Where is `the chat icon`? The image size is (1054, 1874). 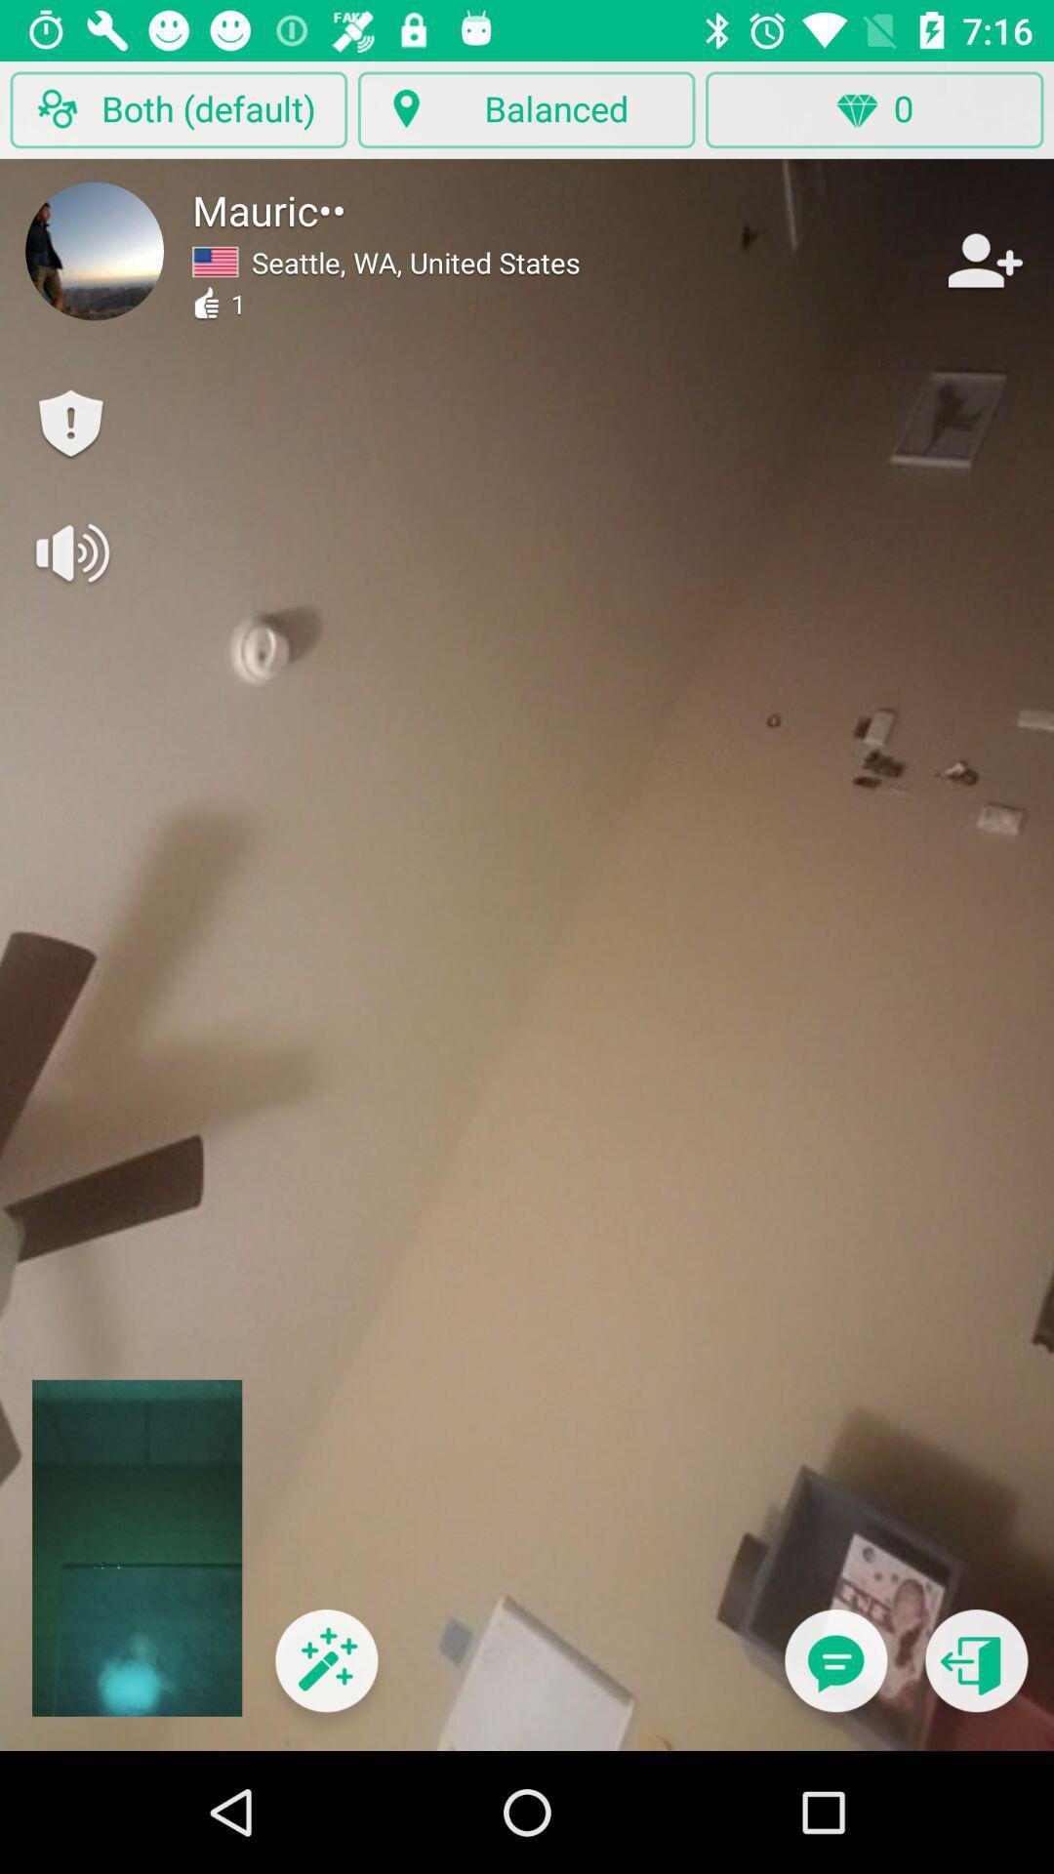 the chat icon is located at coordinates (834, 1672).